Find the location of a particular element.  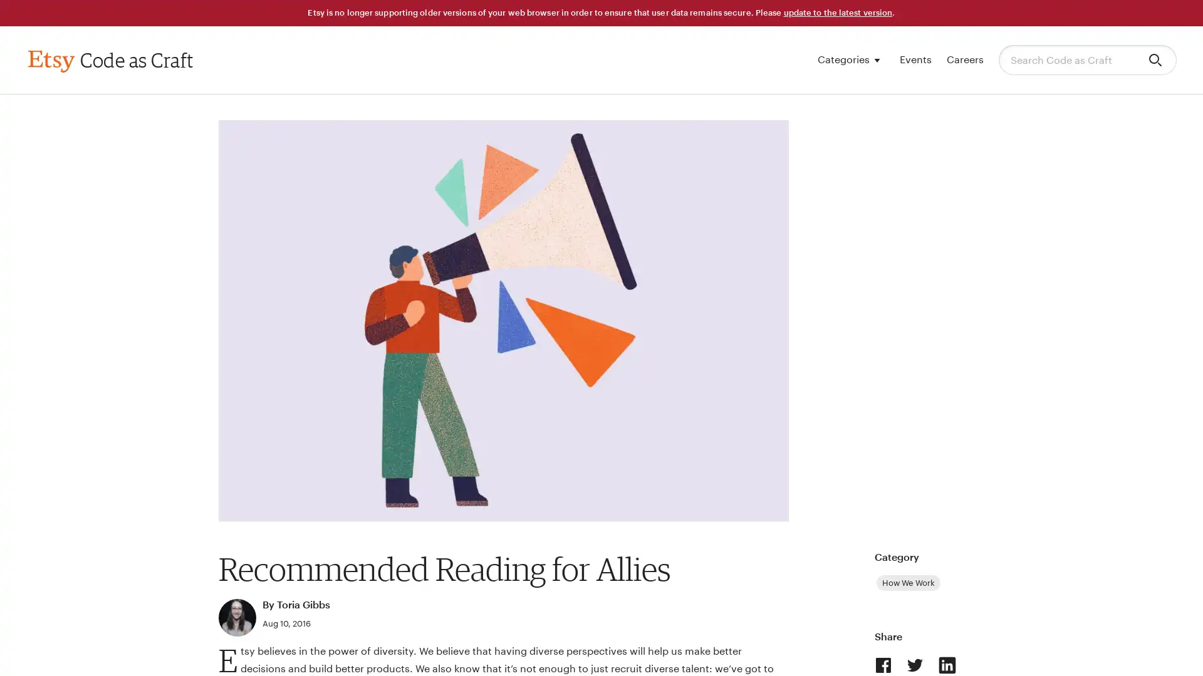

Search is located at coordinates (1157, 60).